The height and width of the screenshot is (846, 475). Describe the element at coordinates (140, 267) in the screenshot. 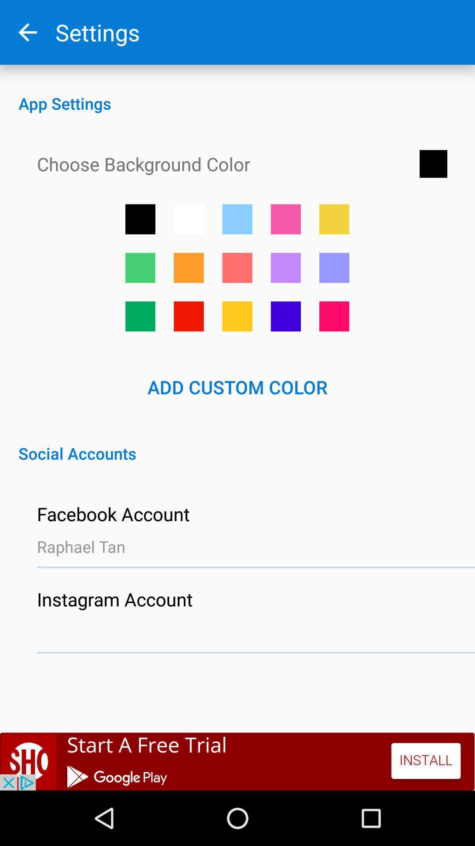

I see `background colour select` at that location.